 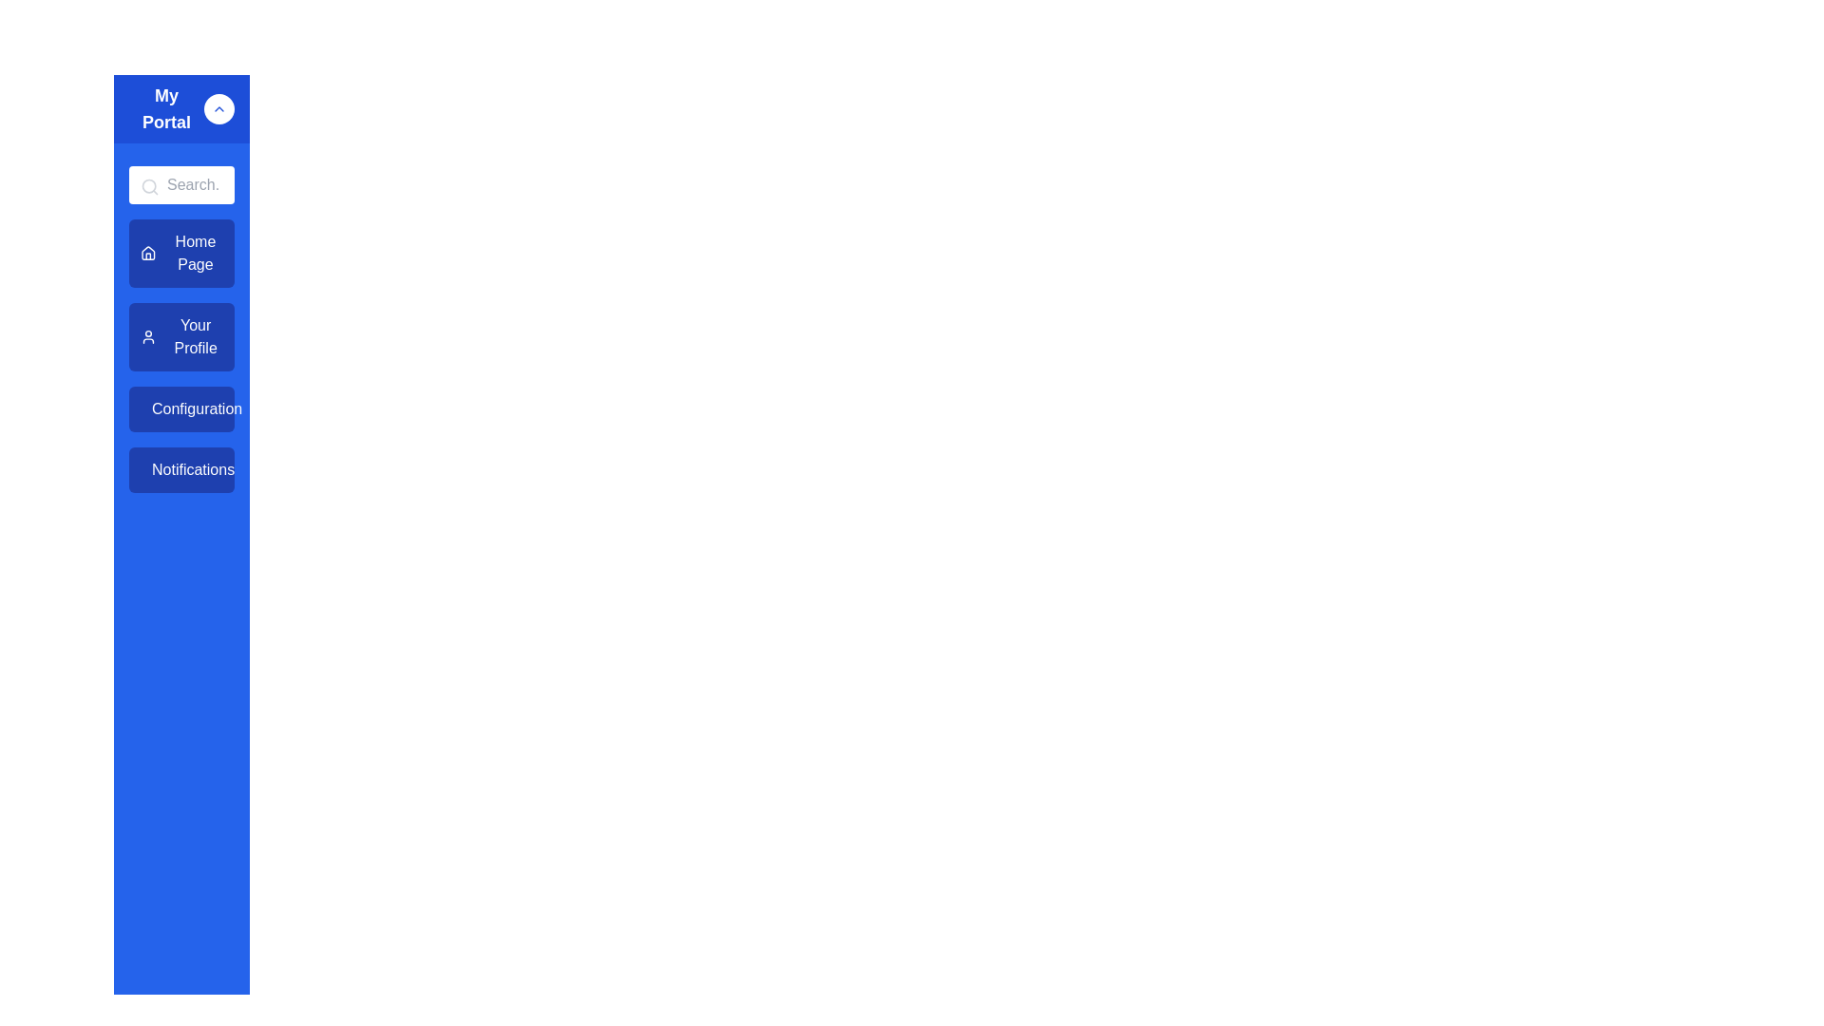 What do you see at coordinates (181, 185) in the screenshot?
I see `the search input field` at bounding box center [181, 185].